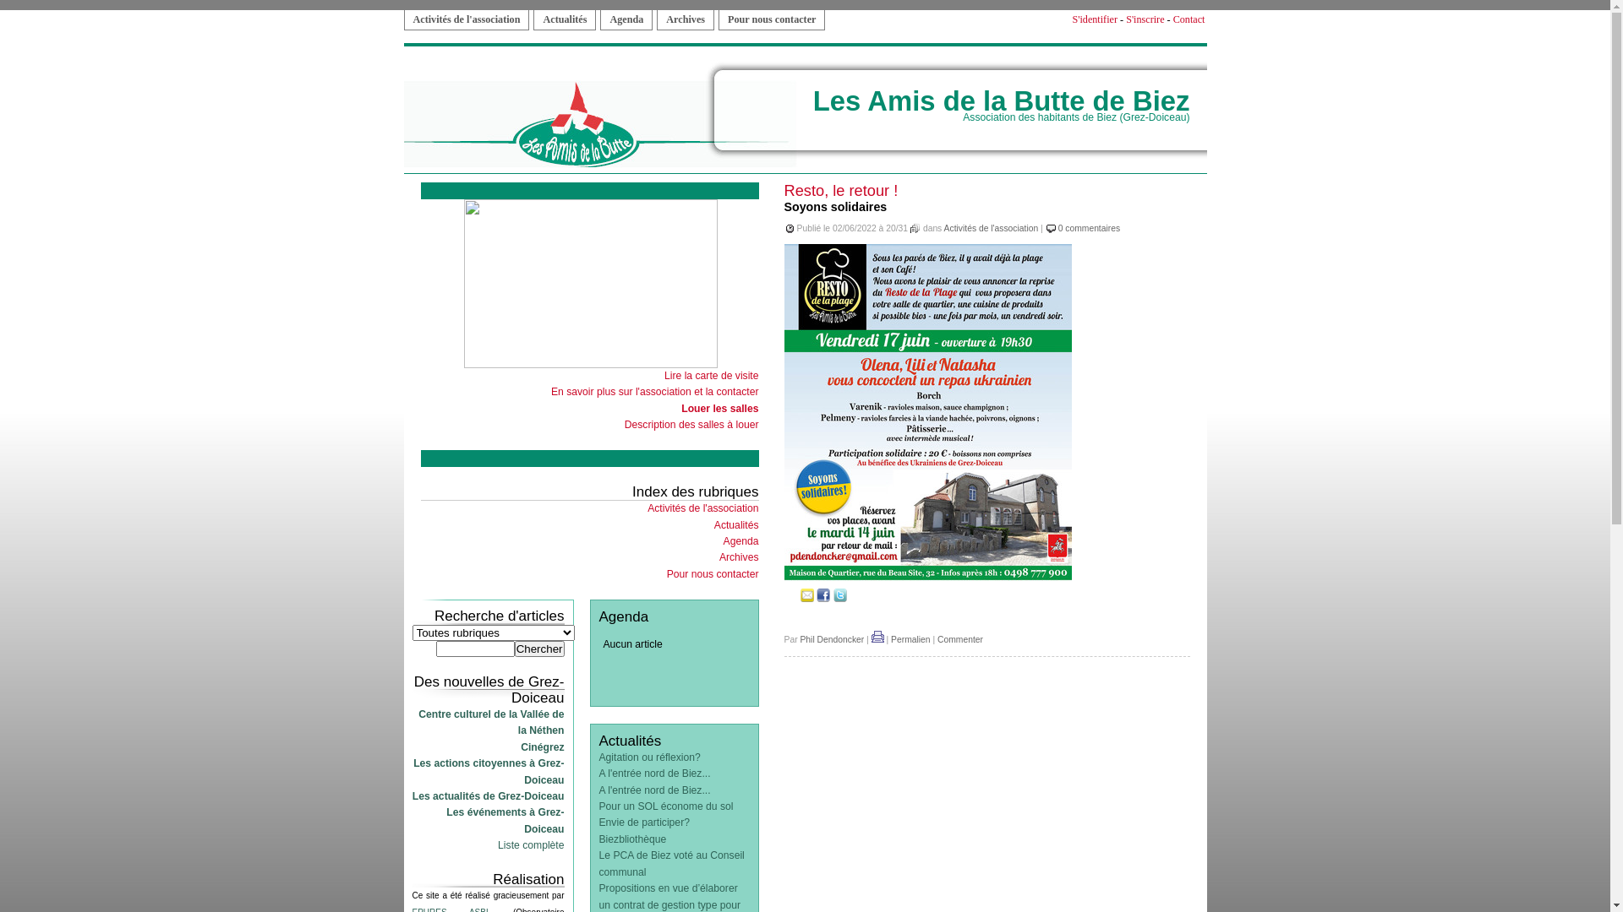  What do you see at coordinates (653, 391) in the screenshot?
I see `'En savoir plus sur l'association et la contacter'` at bounding box center [653, 391].